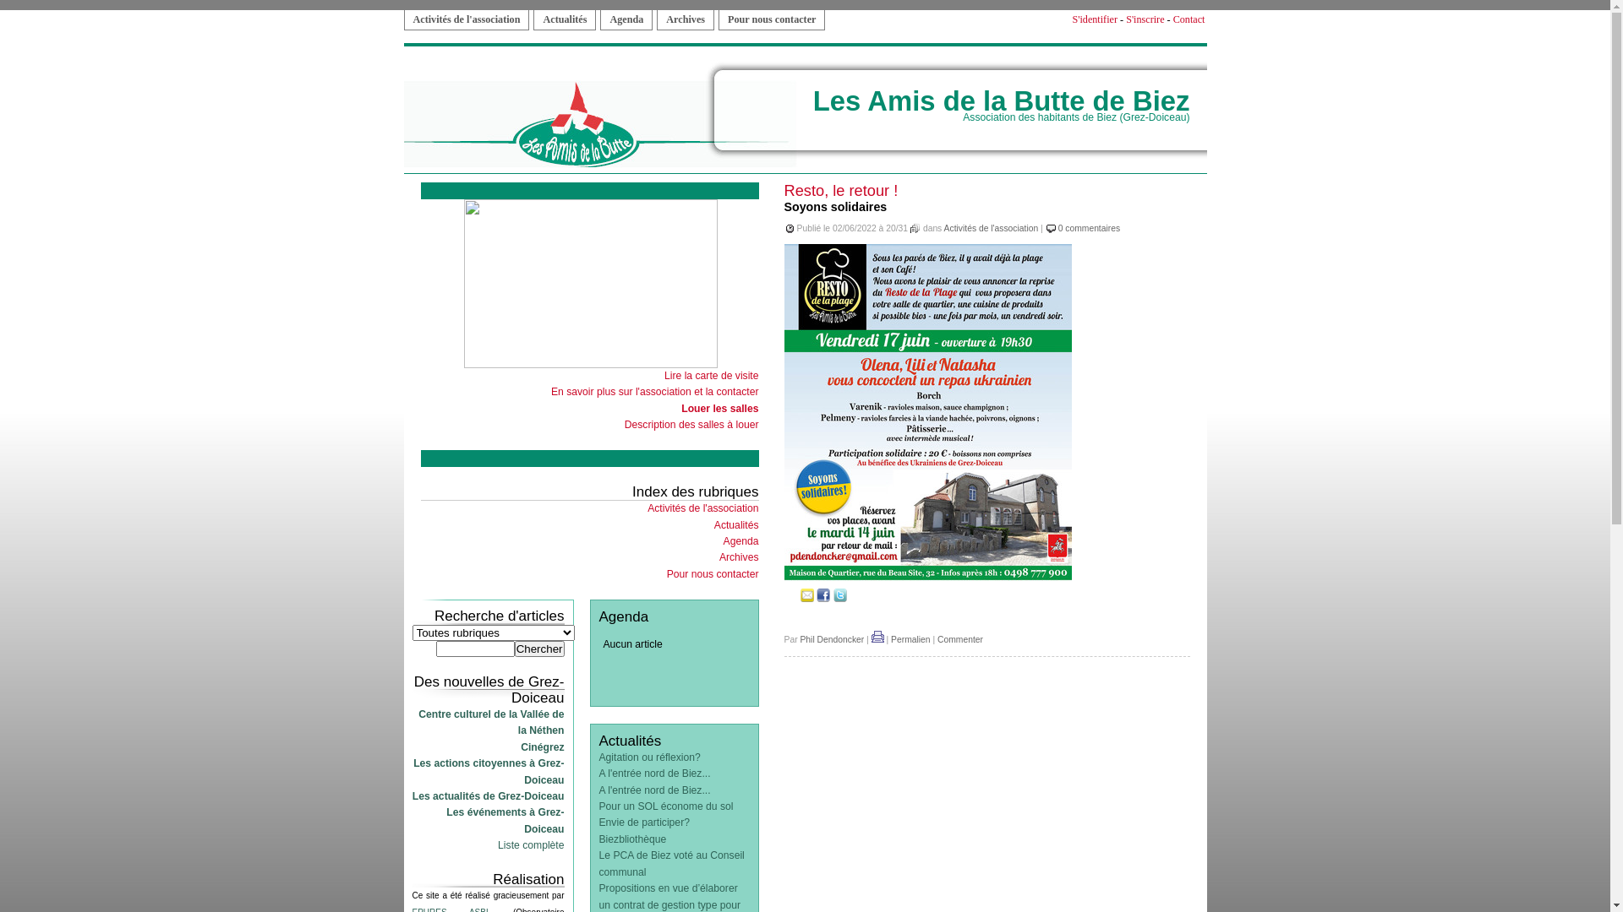  What do you see at coordinates (653, 391) in the screenshot?
I see `'En savoir plus sur l'association et la contacter'` at bounding box center [653, 391].